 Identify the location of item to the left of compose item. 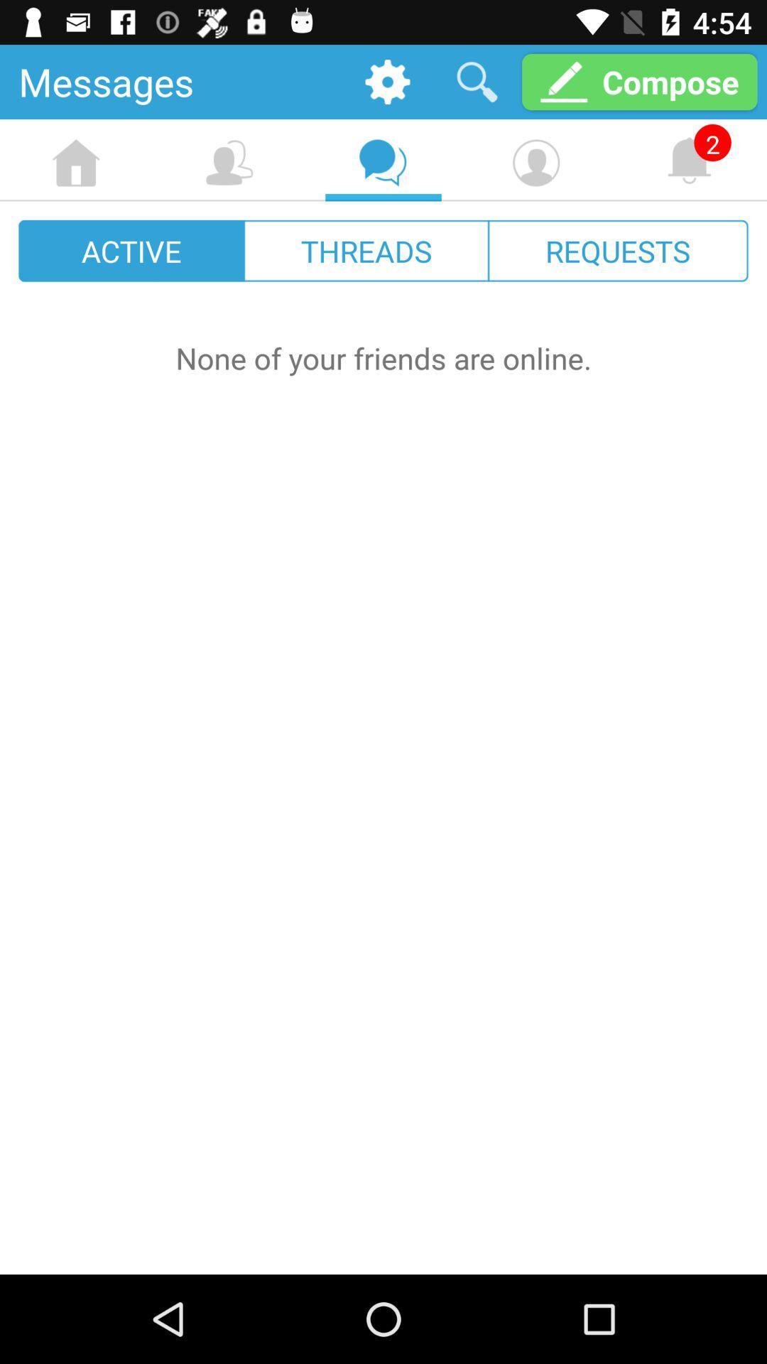
(477, 81).